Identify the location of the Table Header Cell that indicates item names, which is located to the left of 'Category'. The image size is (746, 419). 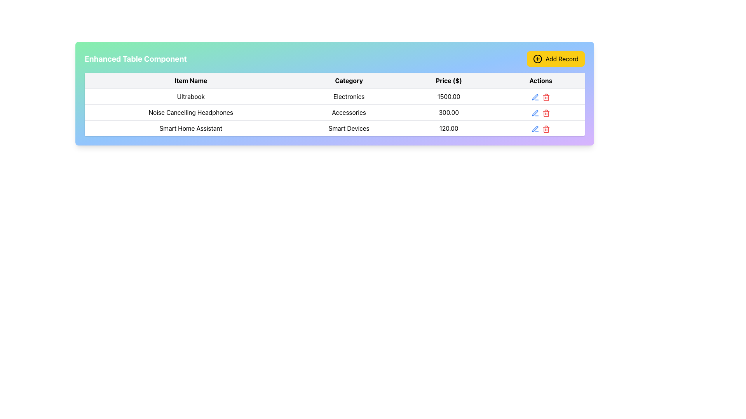
(191, 81).